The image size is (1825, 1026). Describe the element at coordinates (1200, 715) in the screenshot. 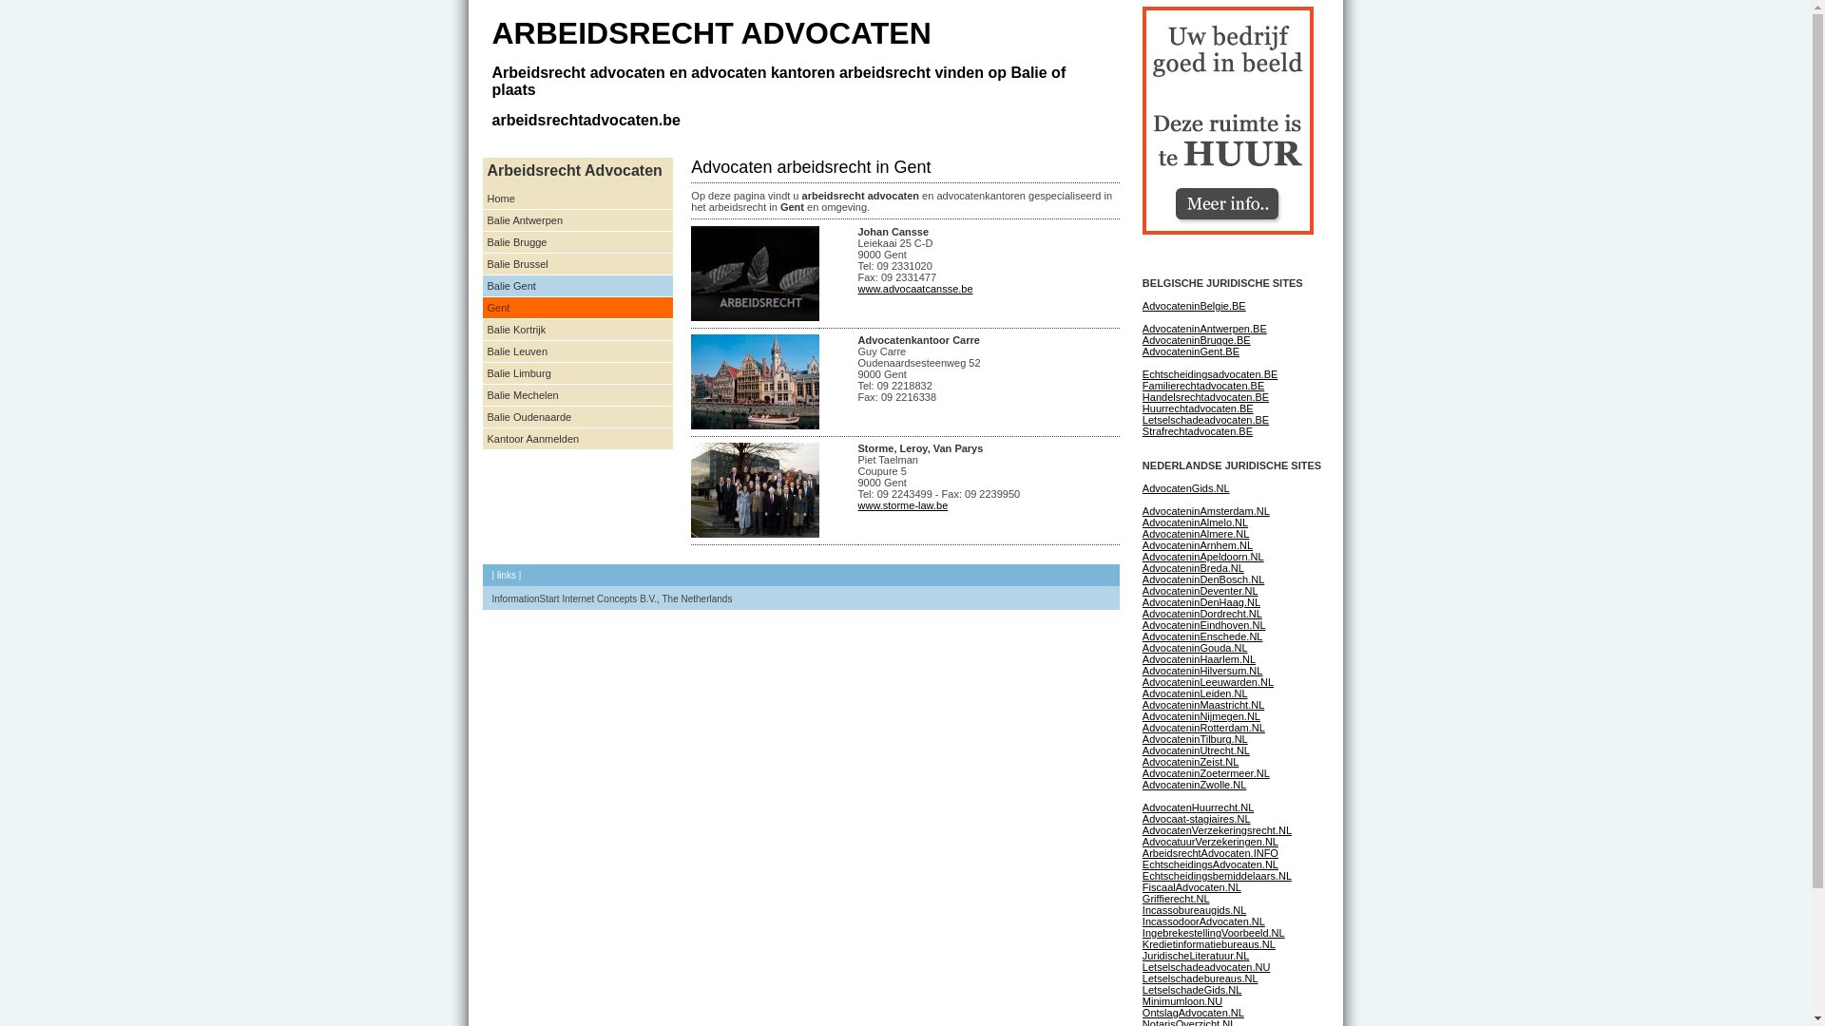

I see `'AdvocateninNijmegen.NL'` at that location.